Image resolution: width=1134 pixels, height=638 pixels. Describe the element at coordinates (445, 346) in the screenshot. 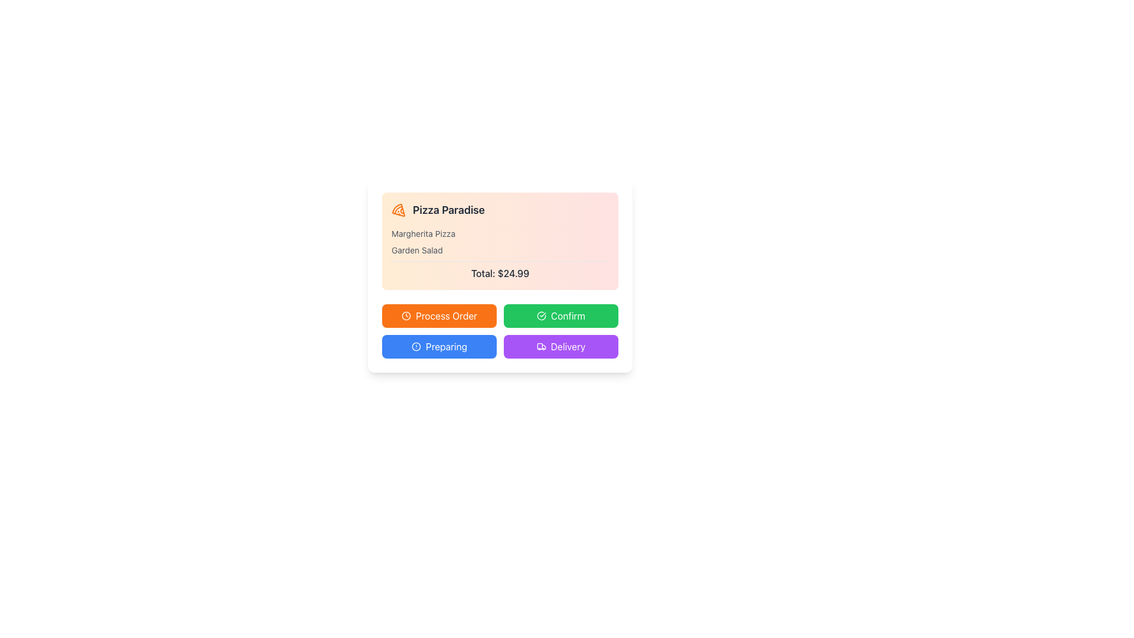

I see `the text label displaying 'Preparing.' within the blue button to trigger a tooltip` at that location.